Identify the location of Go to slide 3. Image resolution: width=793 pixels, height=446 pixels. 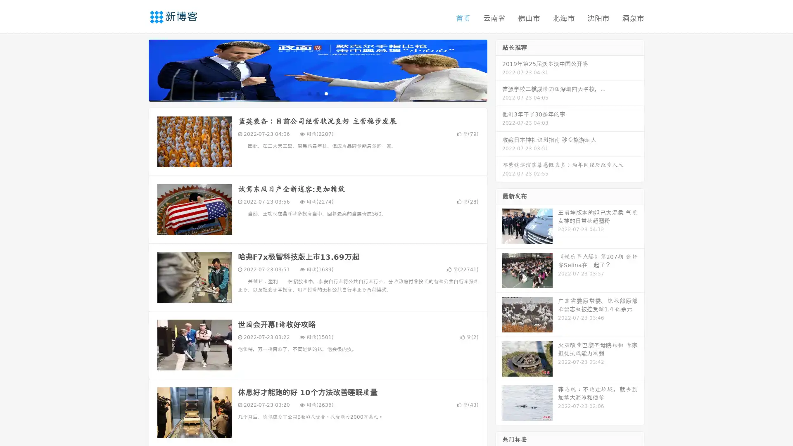
(326, 93).